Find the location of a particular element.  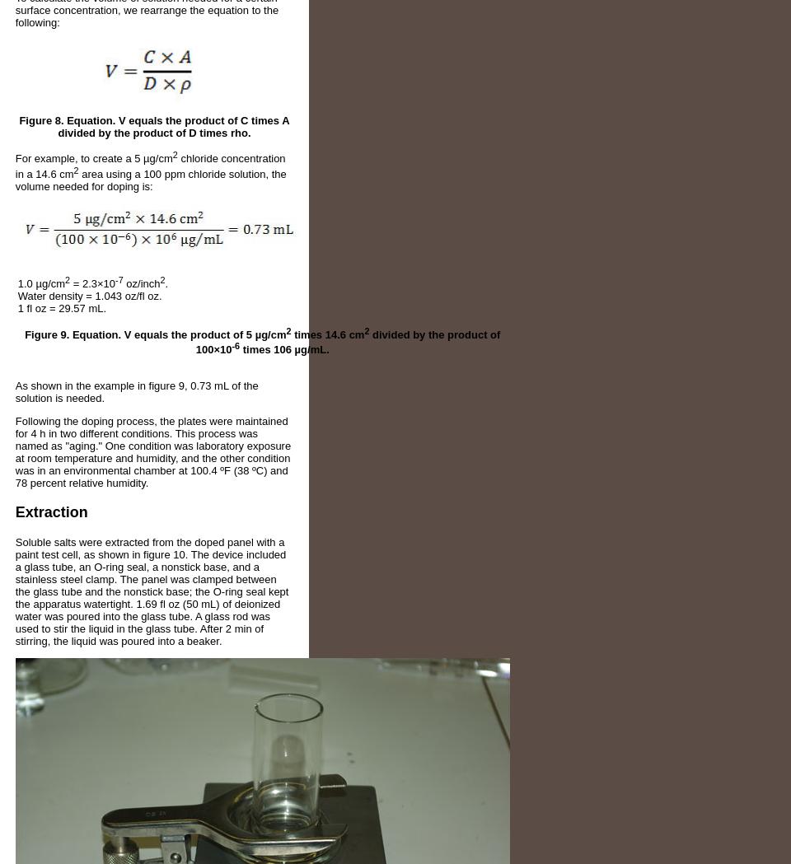

'As shown in the example in figure 9, 0.73 mL of the solution is needed.' is located at coordinates (13, 392).